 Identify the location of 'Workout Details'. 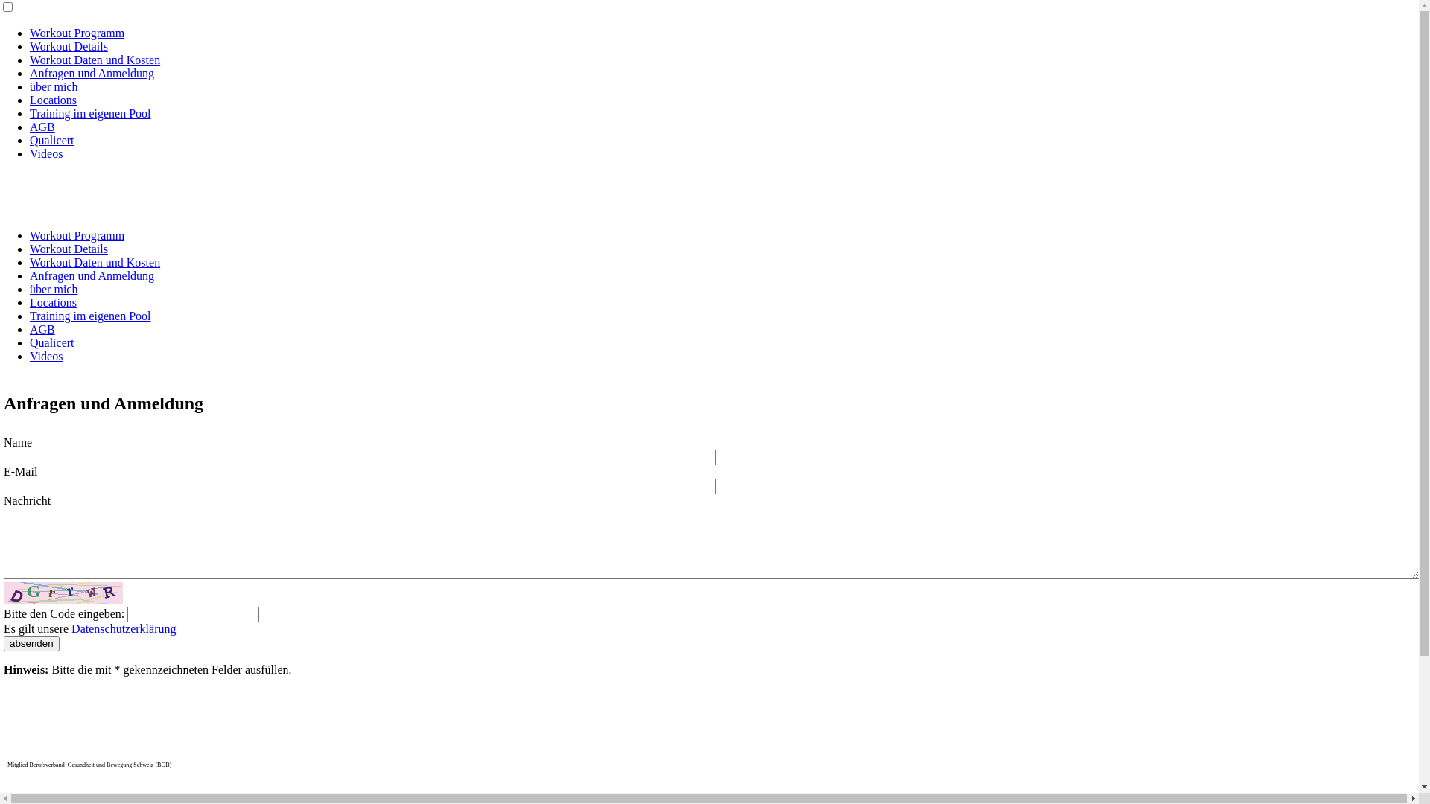
(68, 248).